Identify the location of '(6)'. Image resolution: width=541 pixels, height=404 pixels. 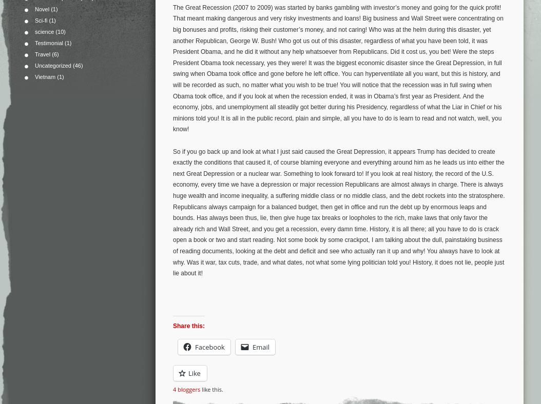
(54, 54).